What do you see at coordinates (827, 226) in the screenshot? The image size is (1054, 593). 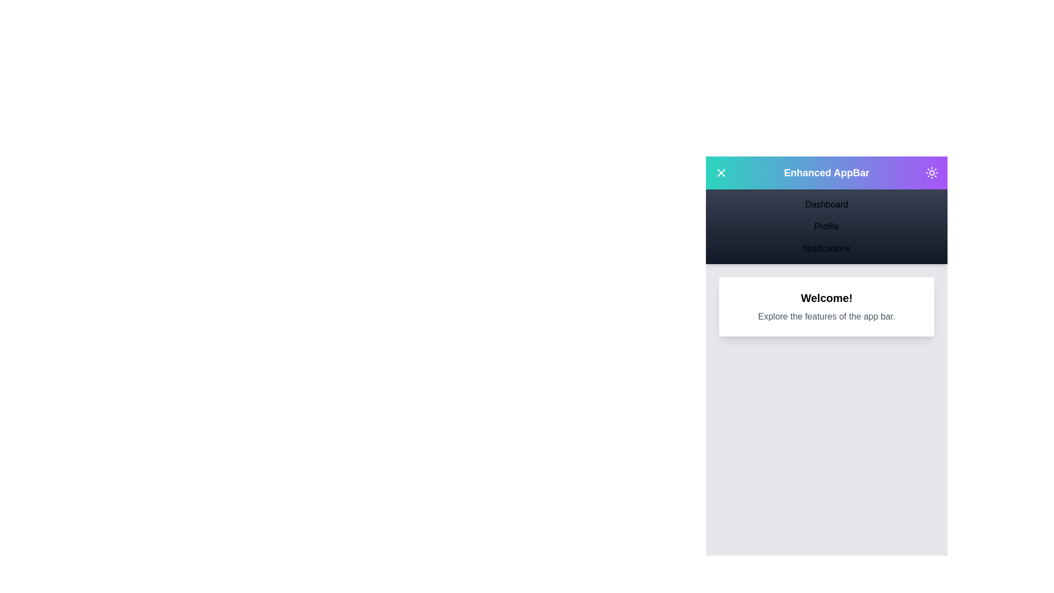 I see `the menu item Profile to navigate to the corresponding section` at bounding box center [827, 226].